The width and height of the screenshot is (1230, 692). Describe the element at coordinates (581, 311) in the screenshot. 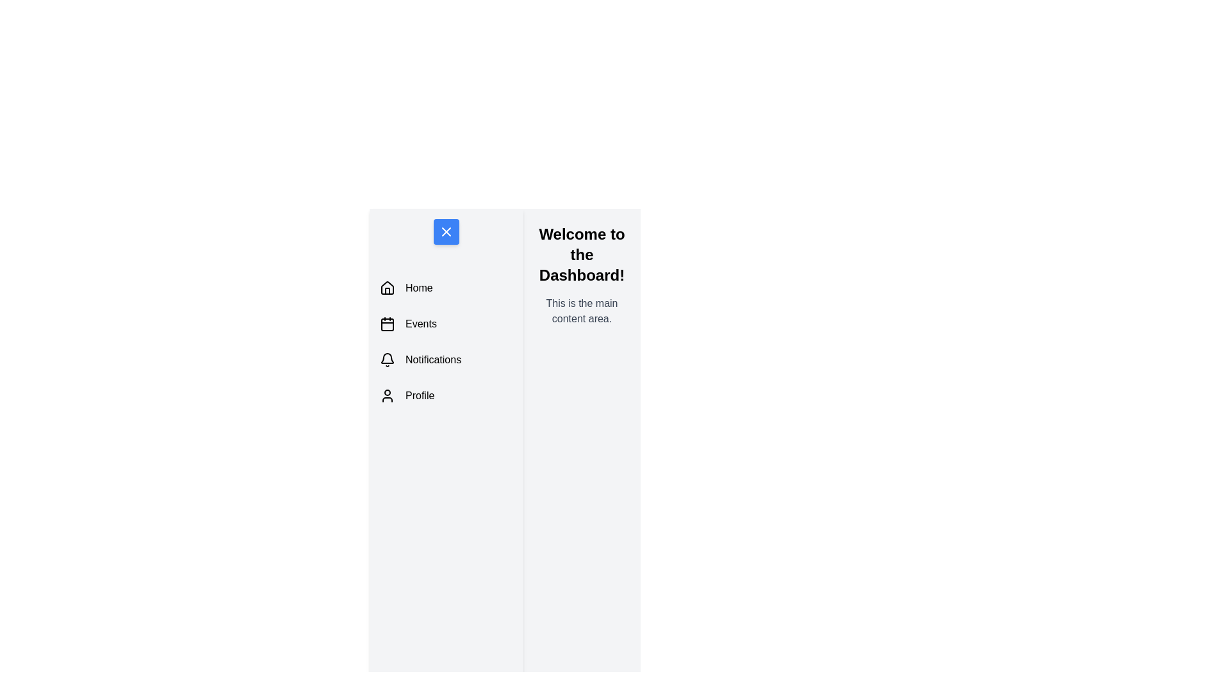

I see `the static text label located below the 'Welcome to the Dashboard!' element on the right side of the interface` at that location.